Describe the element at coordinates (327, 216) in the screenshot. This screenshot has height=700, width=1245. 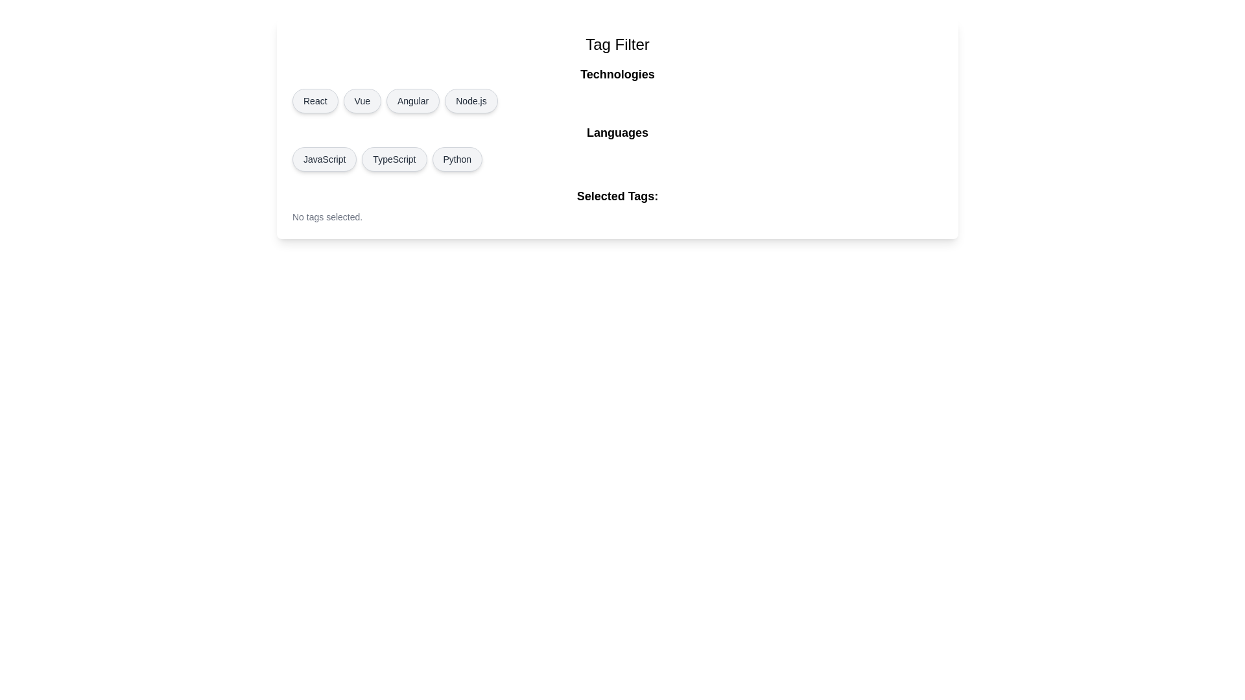
I see `information displayed in the text label indicating that no tags have been chosen in the 'Selected Tags' section, which is located in the bottom-left corner of that section` at that location.